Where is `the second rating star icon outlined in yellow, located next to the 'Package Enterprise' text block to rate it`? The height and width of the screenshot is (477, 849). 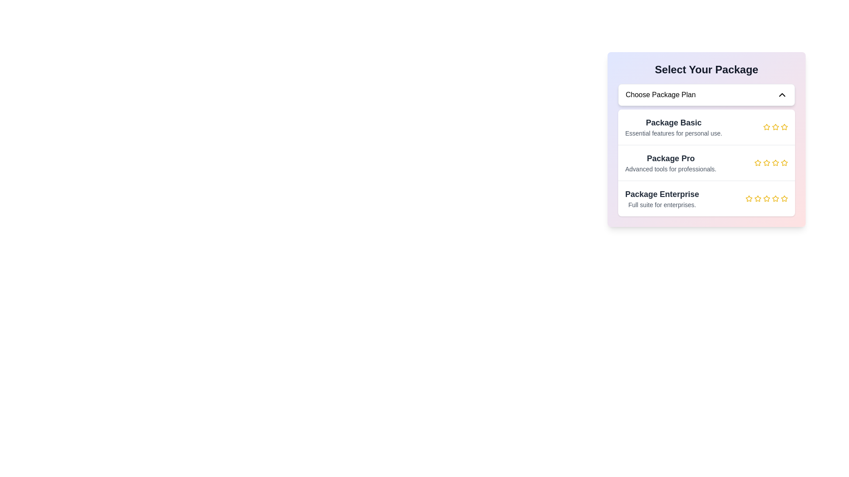
the second rating star icon outlined in yellow, located next to the 'Package Enterprise' text block to rate it is located at coordinates (749, 198).